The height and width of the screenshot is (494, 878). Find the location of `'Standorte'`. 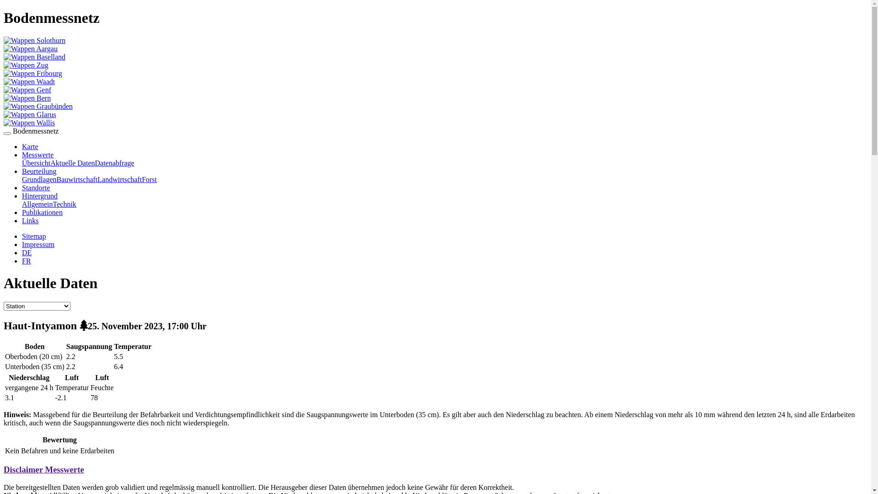

'Standorte' is located at coordinates (36, 187).